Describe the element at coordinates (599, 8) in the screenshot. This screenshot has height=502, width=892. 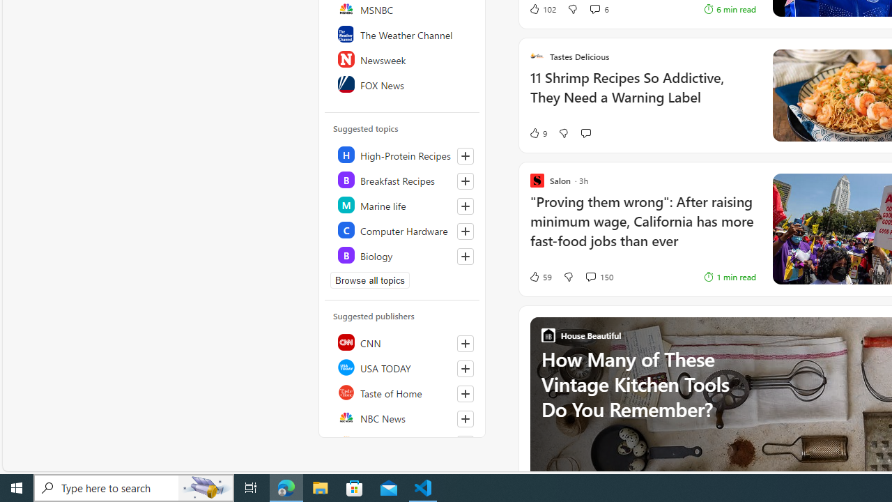
I see `'View comments 6 Comment'` at that location.